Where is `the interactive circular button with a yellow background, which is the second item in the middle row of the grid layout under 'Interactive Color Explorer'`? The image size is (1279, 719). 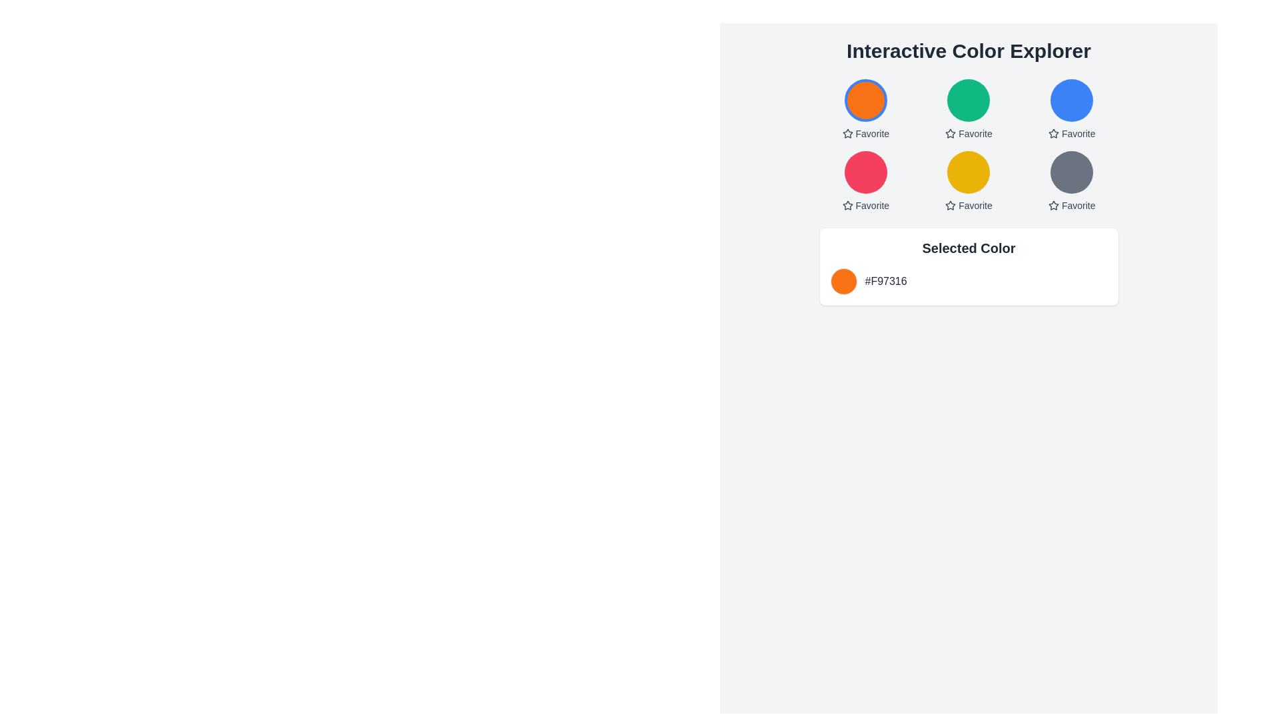
the interactive circular button with a yellow background, which is the second item in the middle row of the grid layout under 'Interactive Color Explorer' is located at coordinates (969, 192).